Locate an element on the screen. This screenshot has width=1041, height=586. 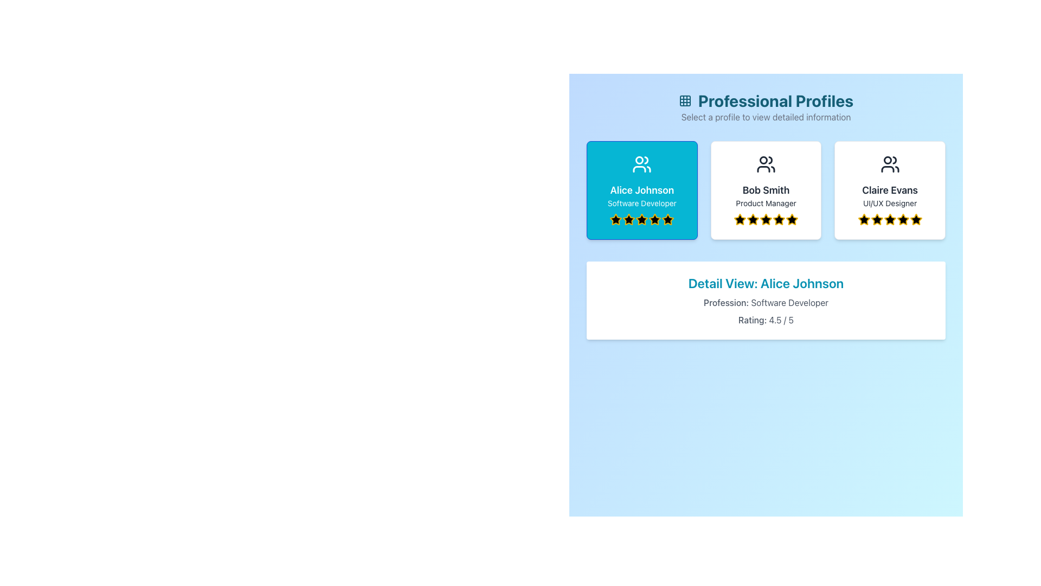
the text label that reads 'Alice Johnson', which is displayed in white text on a cyan background, positioned inside the first profile card at the top, below the professional profile icon is located at coordinates (642, 190).